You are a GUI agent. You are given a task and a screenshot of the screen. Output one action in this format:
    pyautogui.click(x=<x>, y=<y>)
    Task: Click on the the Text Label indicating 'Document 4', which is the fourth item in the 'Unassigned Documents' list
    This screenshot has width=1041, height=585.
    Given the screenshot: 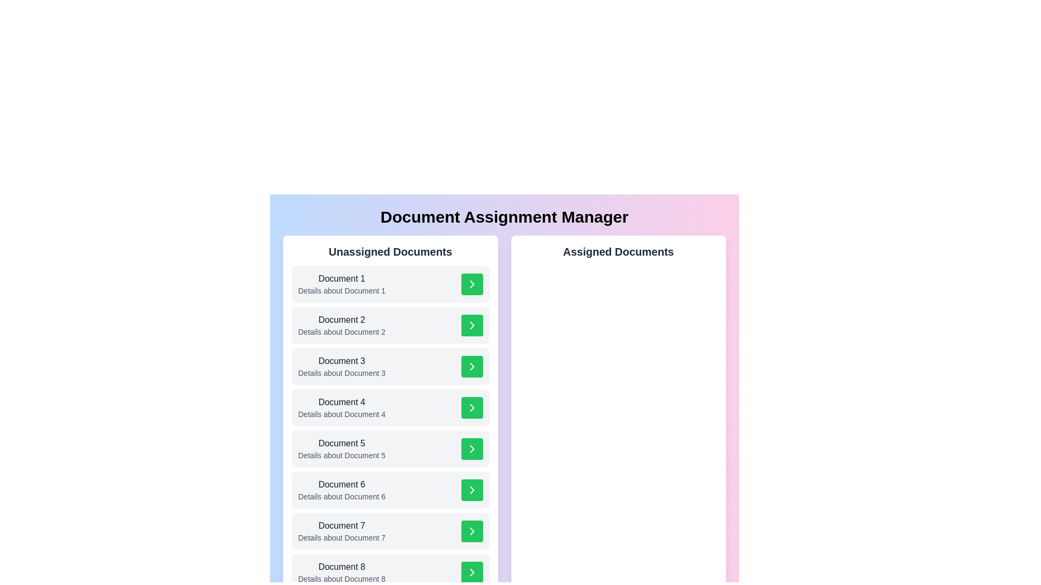 What is the action you would take?
    pyautogui.click(x=341, y=402)
    